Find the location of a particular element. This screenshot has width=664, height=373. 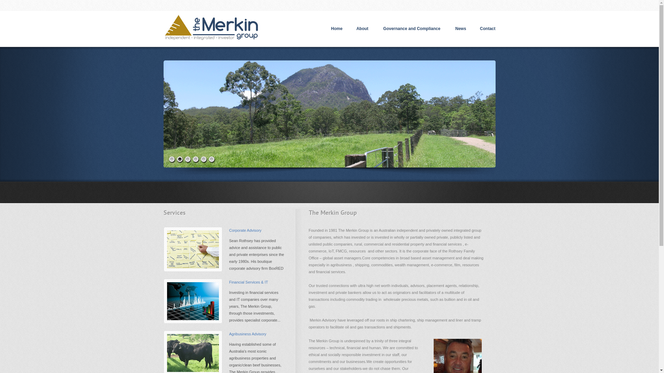

'2' is located at coordinates (179, 160).